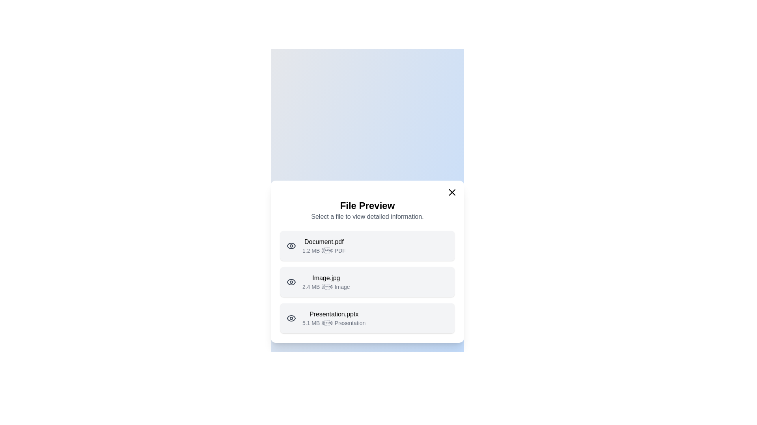 Image resolution: width=757 pixels, height=425 pixels. Describe the element at coordinates (452, 192) in the screenshot. I see `the close button located at the top-right corner of the dialog` at that location.